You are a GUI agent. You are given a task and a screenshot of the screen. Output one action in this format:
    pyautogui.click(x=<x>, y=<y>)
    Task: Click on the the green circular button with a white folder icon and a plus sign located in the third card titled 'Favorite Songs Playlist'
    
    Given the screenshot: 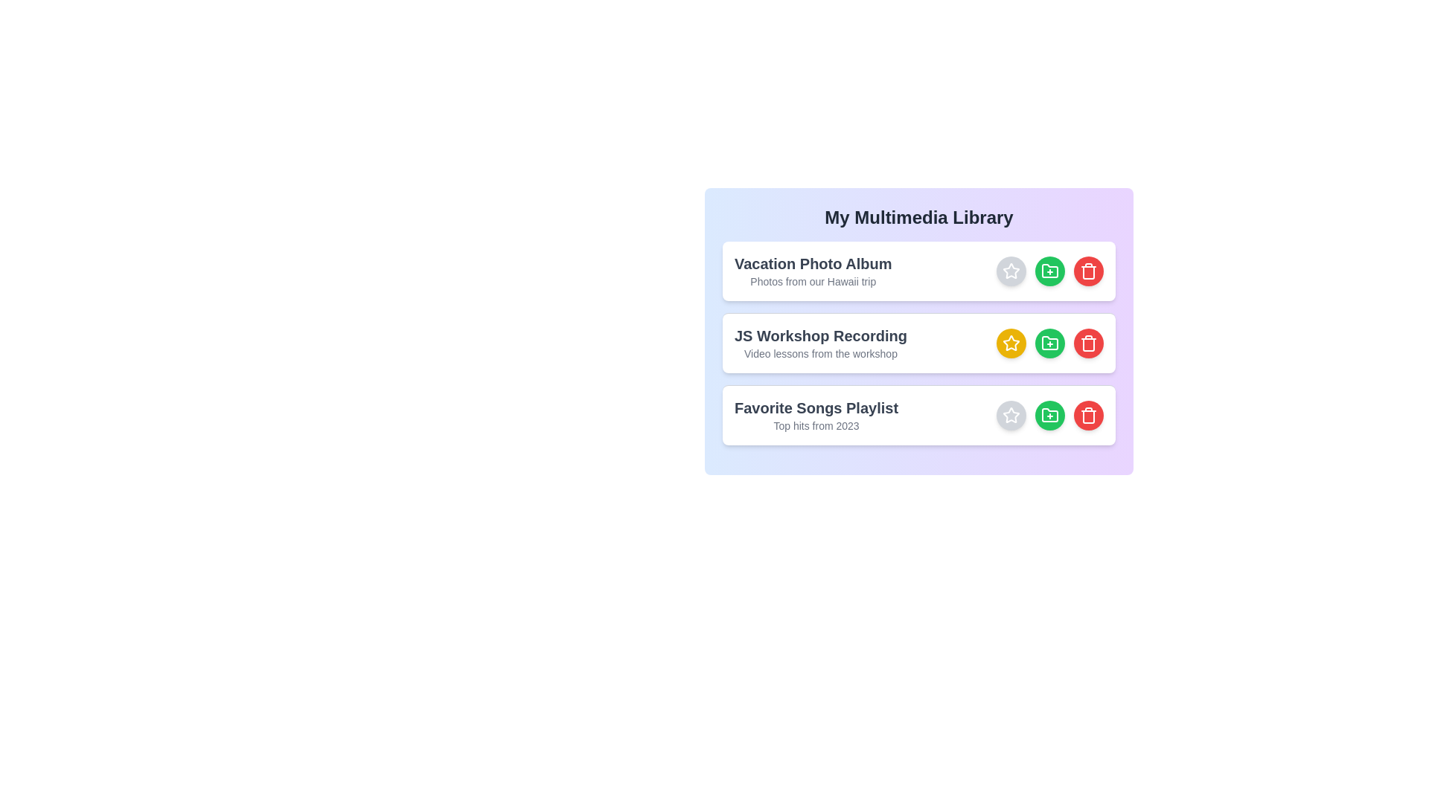 What is the action you would take?
    pyautogui.click(x=1049, y=416)
    